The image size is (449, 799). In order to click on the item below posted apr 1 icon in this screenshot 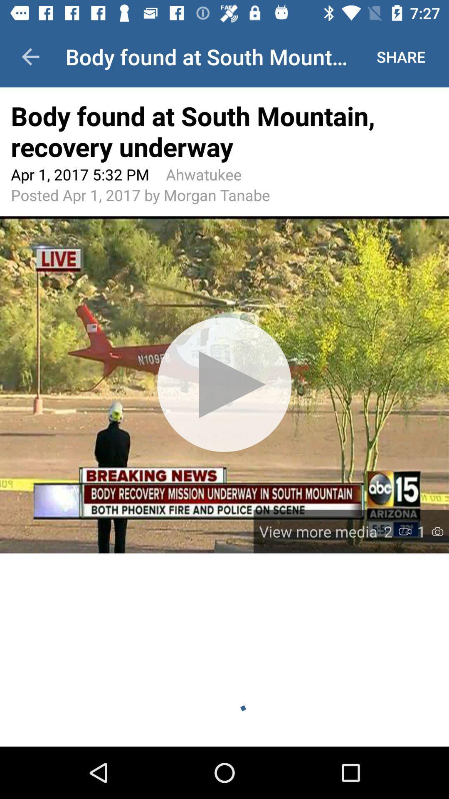, I will do `click(224, 384)`.